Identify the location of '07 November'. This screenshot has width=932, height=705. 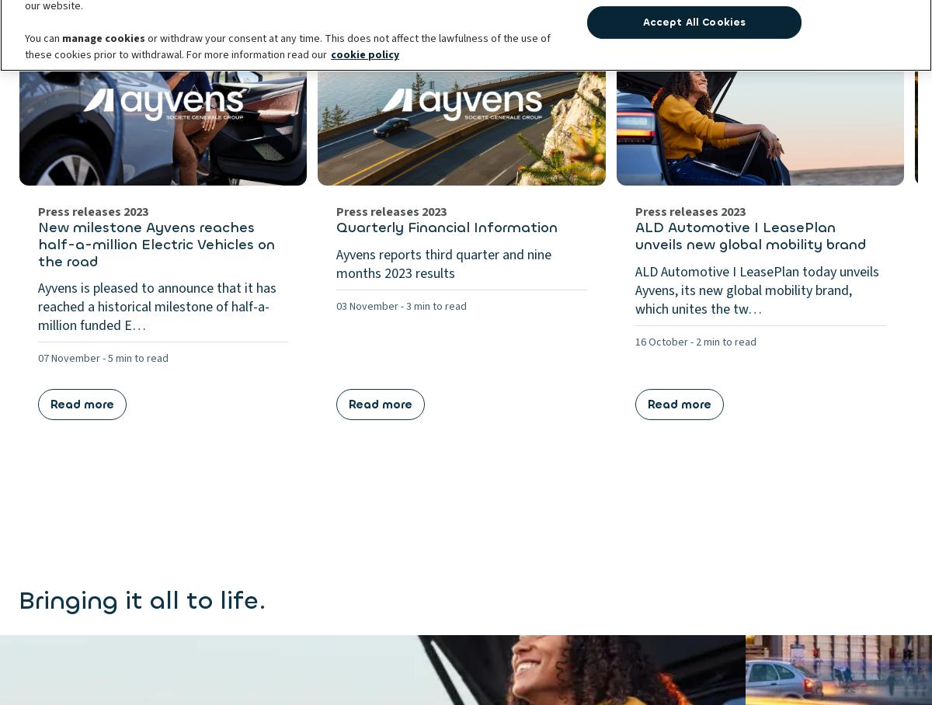
(69, 357).